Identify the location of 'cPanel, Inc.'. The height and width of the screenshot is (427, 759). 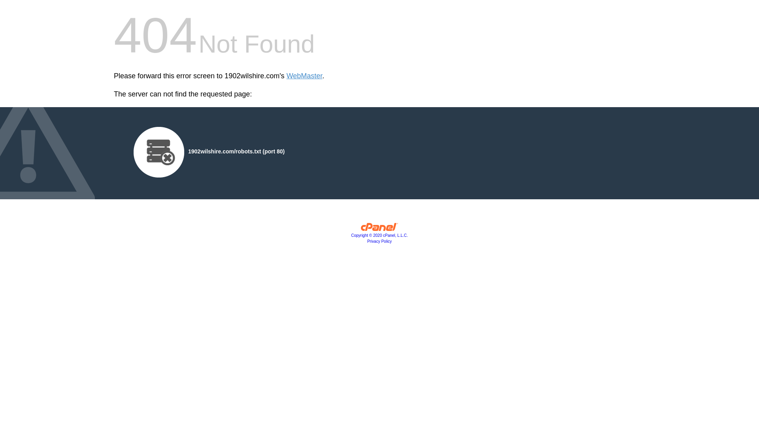
(379, 229).